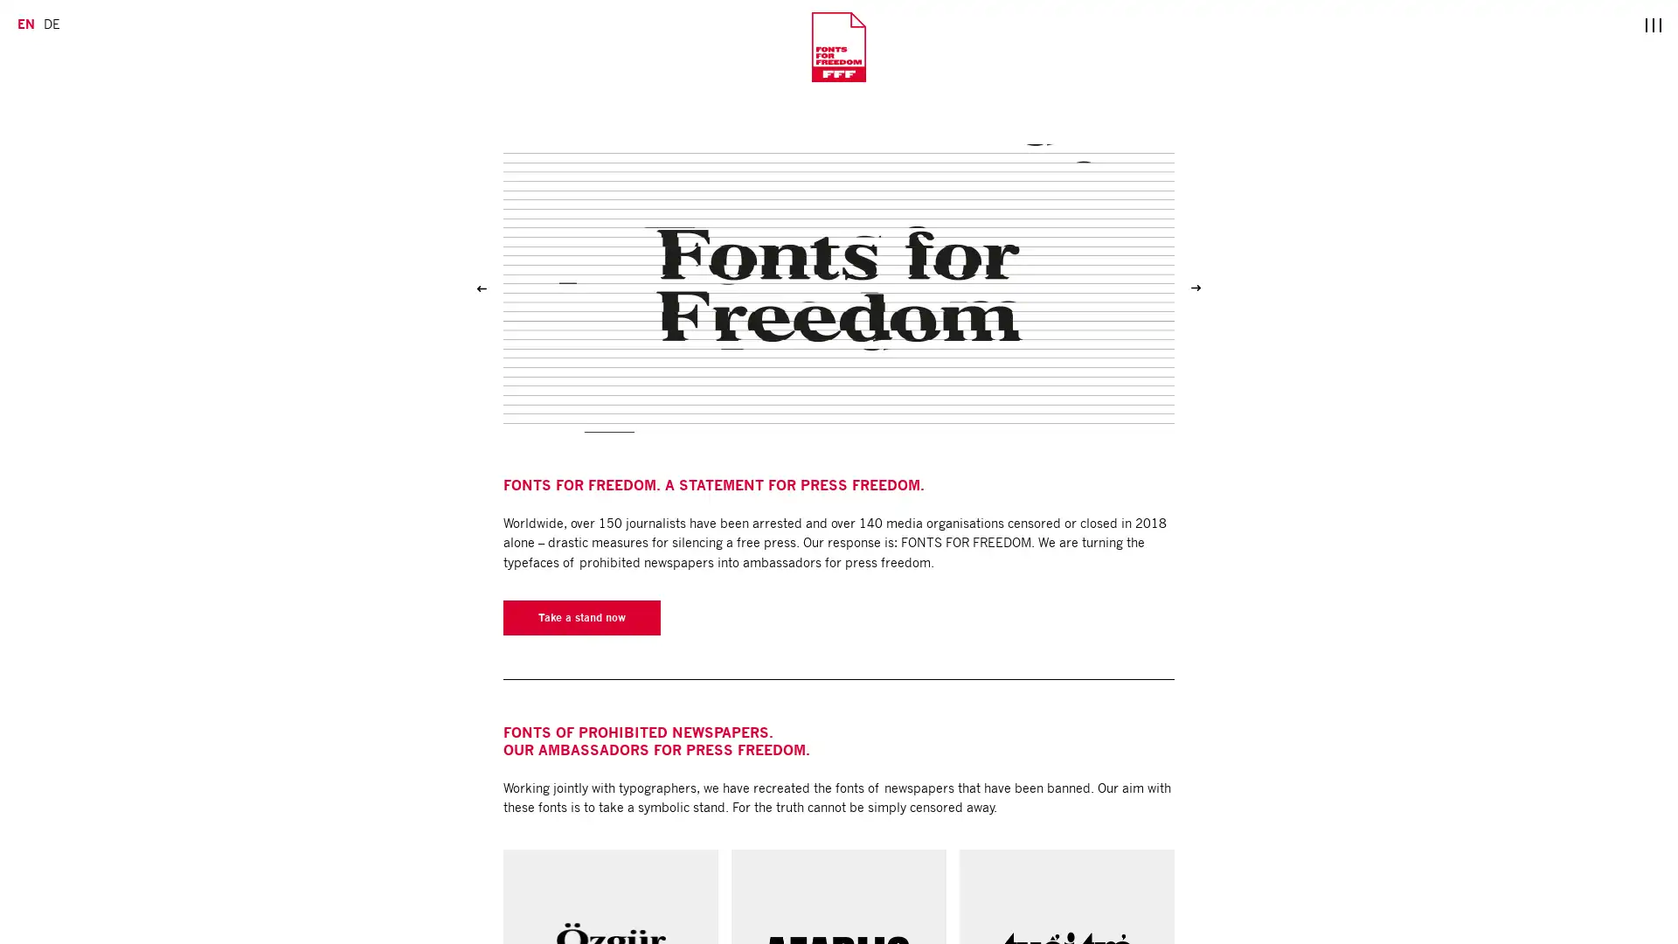 The height and width of the screenshot is (944, 1678). Describe the element at coordinates (482, 288) in the screenshot. I see `Previous slide` at that location.